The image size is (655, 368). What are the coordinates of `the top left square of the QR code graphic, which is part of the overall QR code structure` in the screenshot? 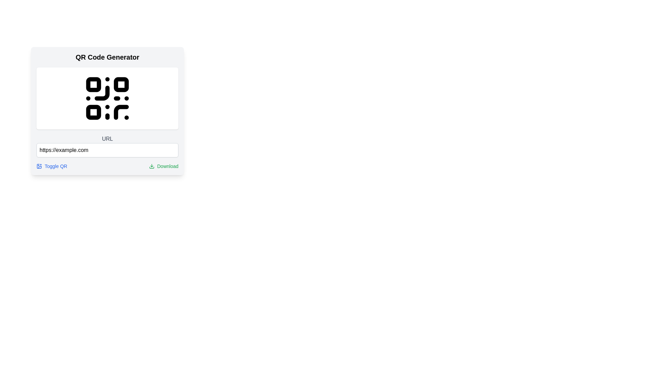 It's located at (93, 84).